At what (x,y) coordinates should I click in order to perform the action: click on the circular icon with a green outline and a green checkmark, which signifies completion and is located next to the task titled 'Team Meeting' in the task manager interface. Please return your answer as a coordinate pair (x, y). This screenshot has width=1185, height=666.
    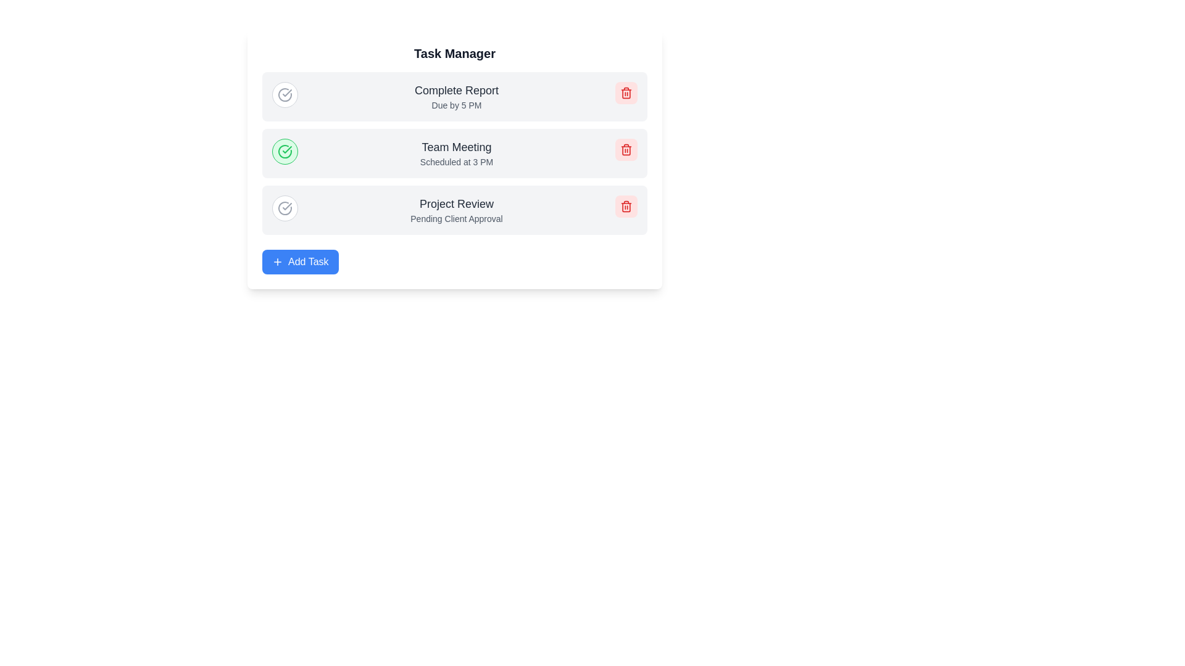
    Looking at the image, I should click on (284, 151).